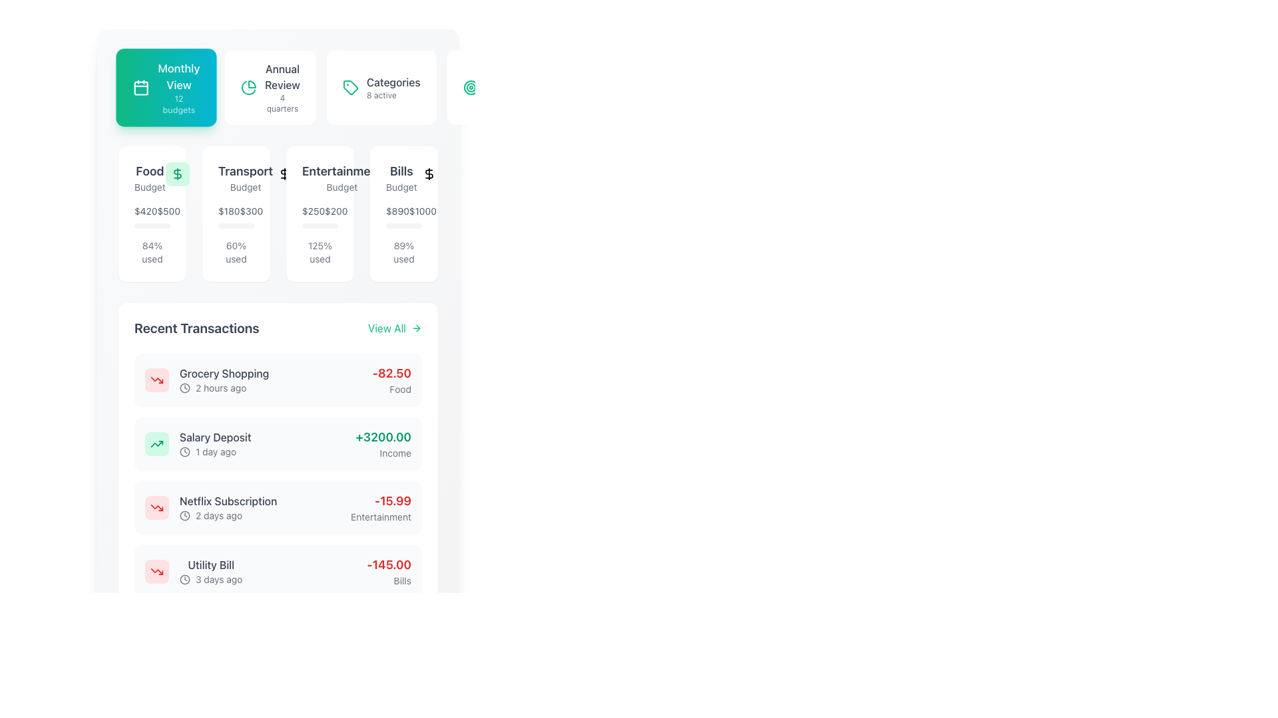 This screenshot has height=718, width=1278. I want to click on the dollar sign icon with a rounded amber background located at the top-right corner of the 'Bills Budget' section, so click(429, 174).